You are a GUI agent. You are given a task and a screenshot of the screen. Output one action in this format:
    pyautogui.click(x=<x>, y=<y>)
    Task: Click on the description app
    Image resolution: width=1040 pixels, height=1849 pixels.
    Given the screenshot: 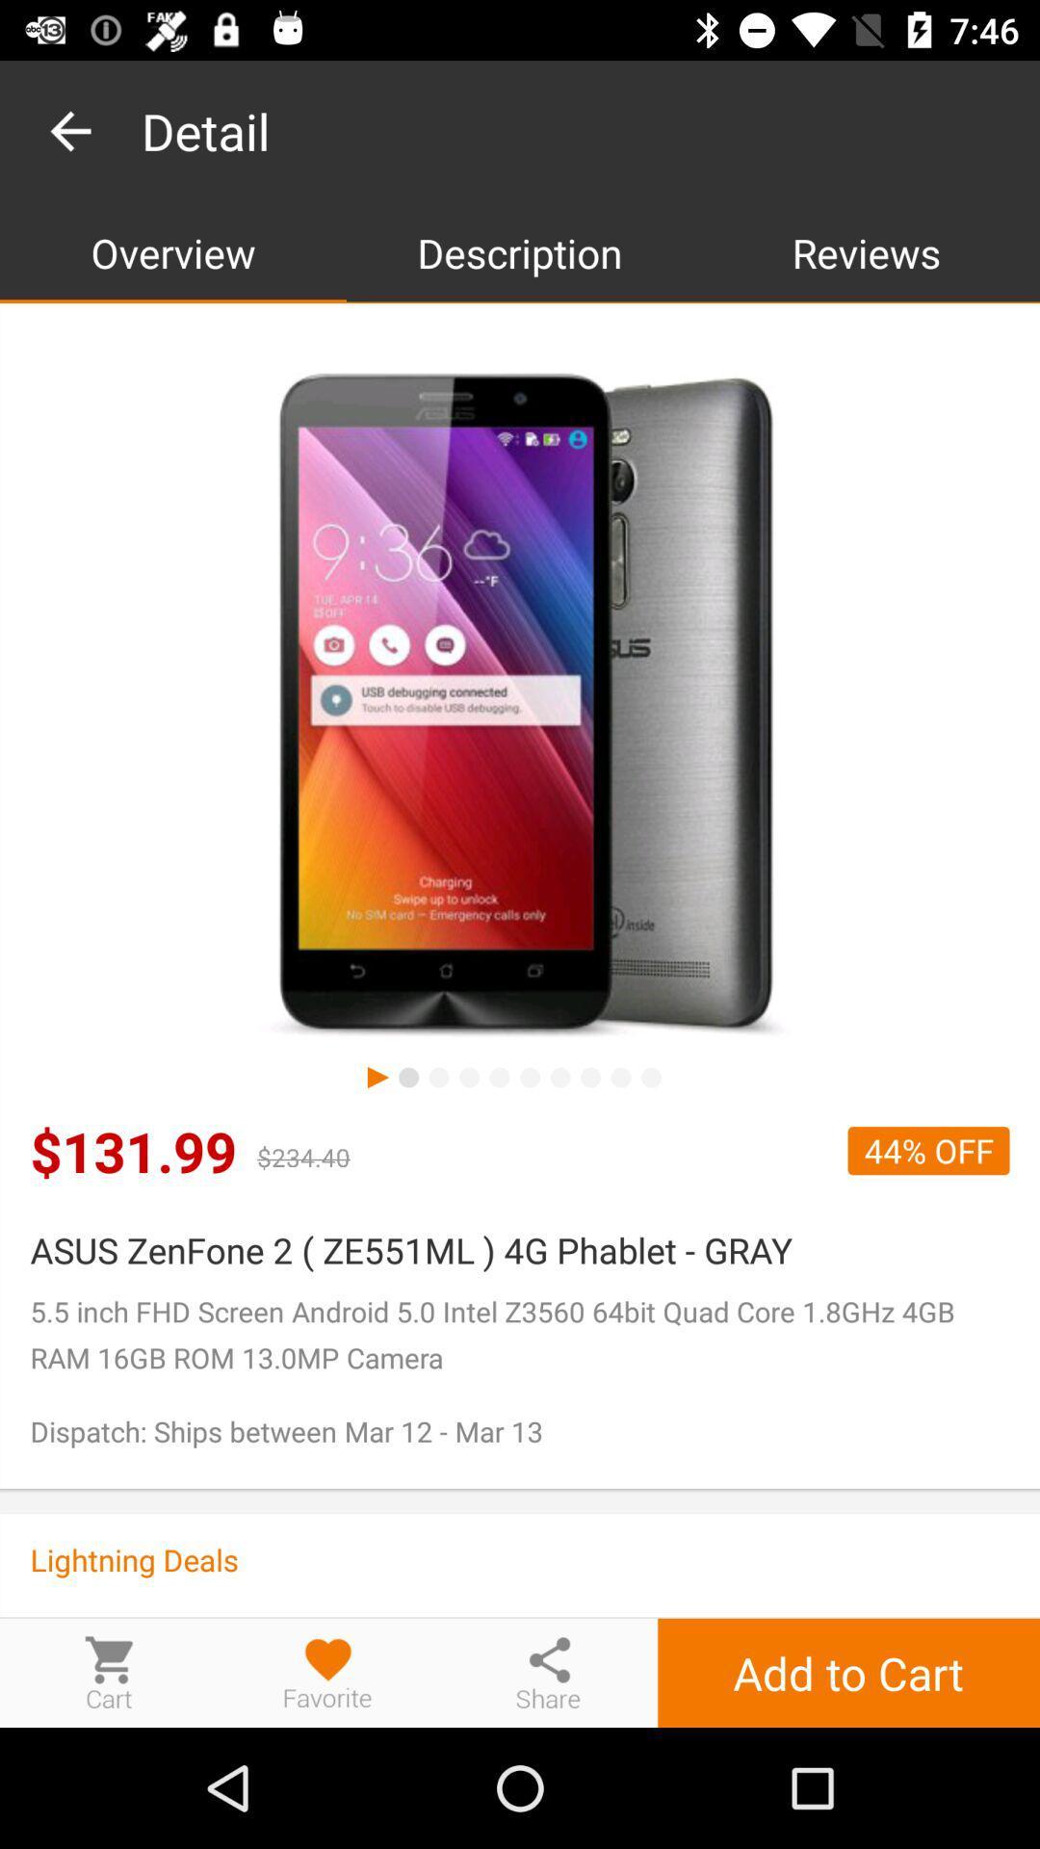 What is the action you would take?
    pyautogui.click(x=520, y=251)
    